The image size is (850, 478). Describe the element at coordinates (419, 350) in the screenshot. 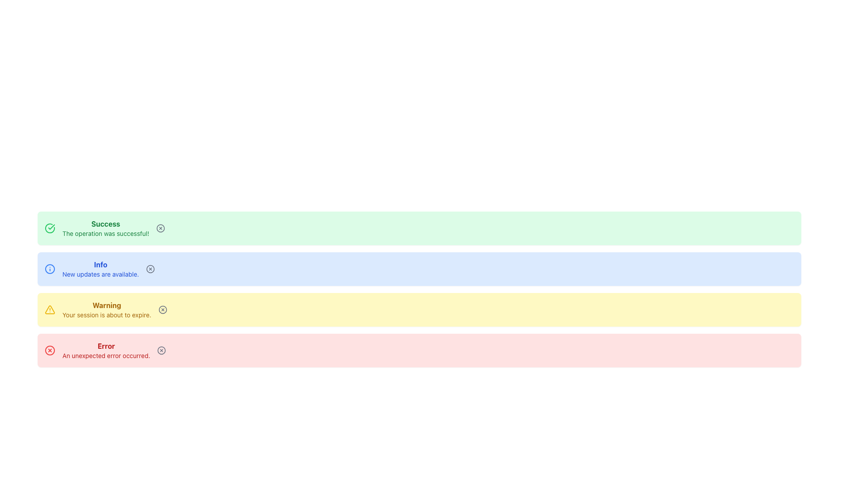

I see `error message displayed in the Notification Bar, which has a red background and contains the text 'Error' and 'An unexpected error occurred.'` at that location.